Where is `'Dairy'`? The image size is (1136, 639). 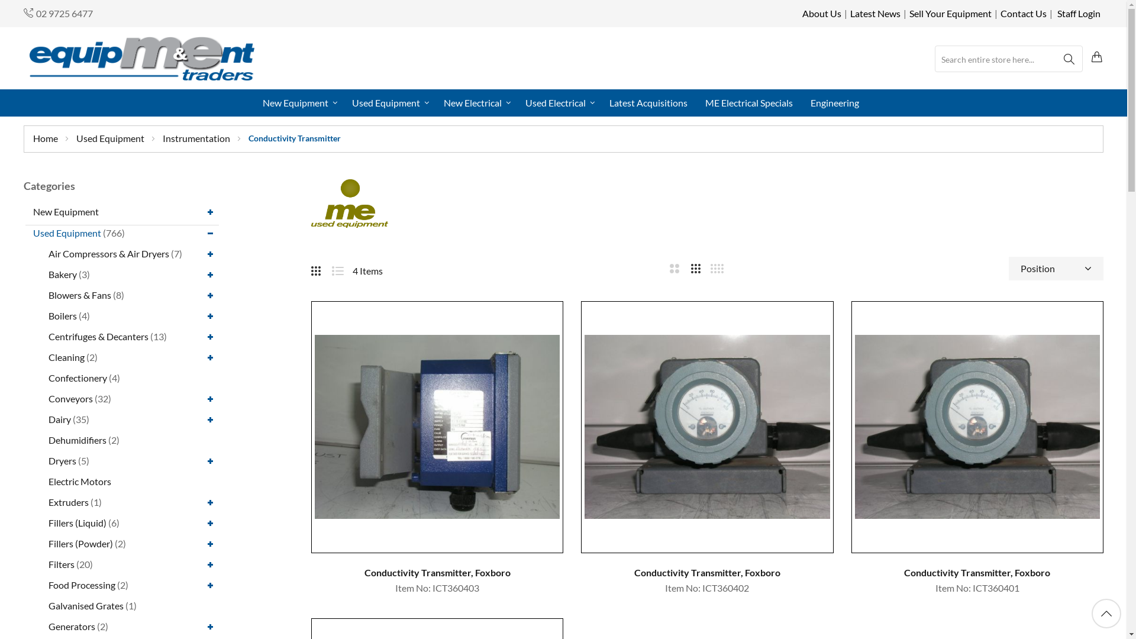 'Dairy' is located at coordinates (59, 418).